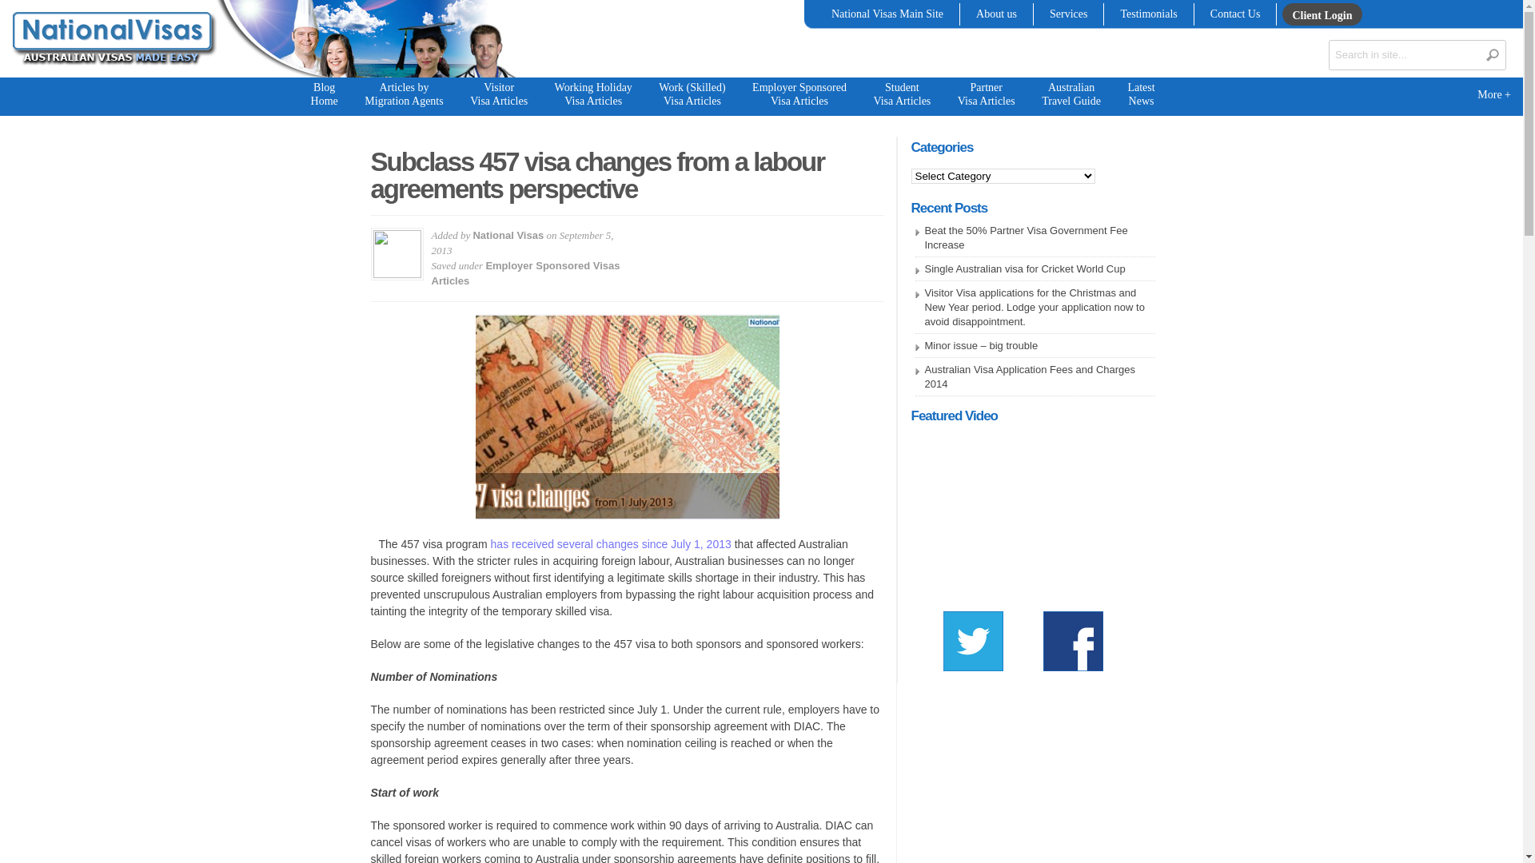 This screenshot has width=1535, height=863. I want to click on 'Single Australian visa for Cricket World Cup', so click(1024, 268).